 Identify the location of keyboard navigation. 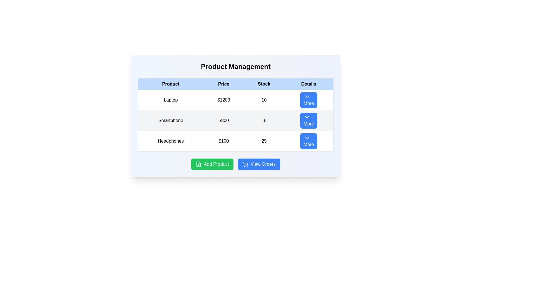
(259, 164).